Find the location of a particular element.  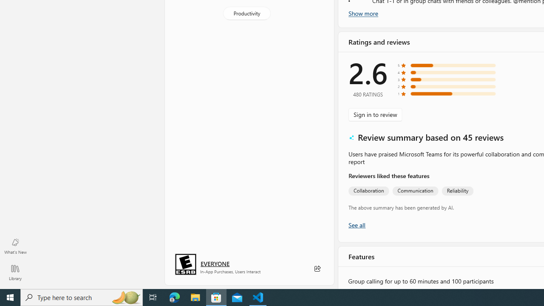

'Sign in to review' is located at coordinates (375, 114).